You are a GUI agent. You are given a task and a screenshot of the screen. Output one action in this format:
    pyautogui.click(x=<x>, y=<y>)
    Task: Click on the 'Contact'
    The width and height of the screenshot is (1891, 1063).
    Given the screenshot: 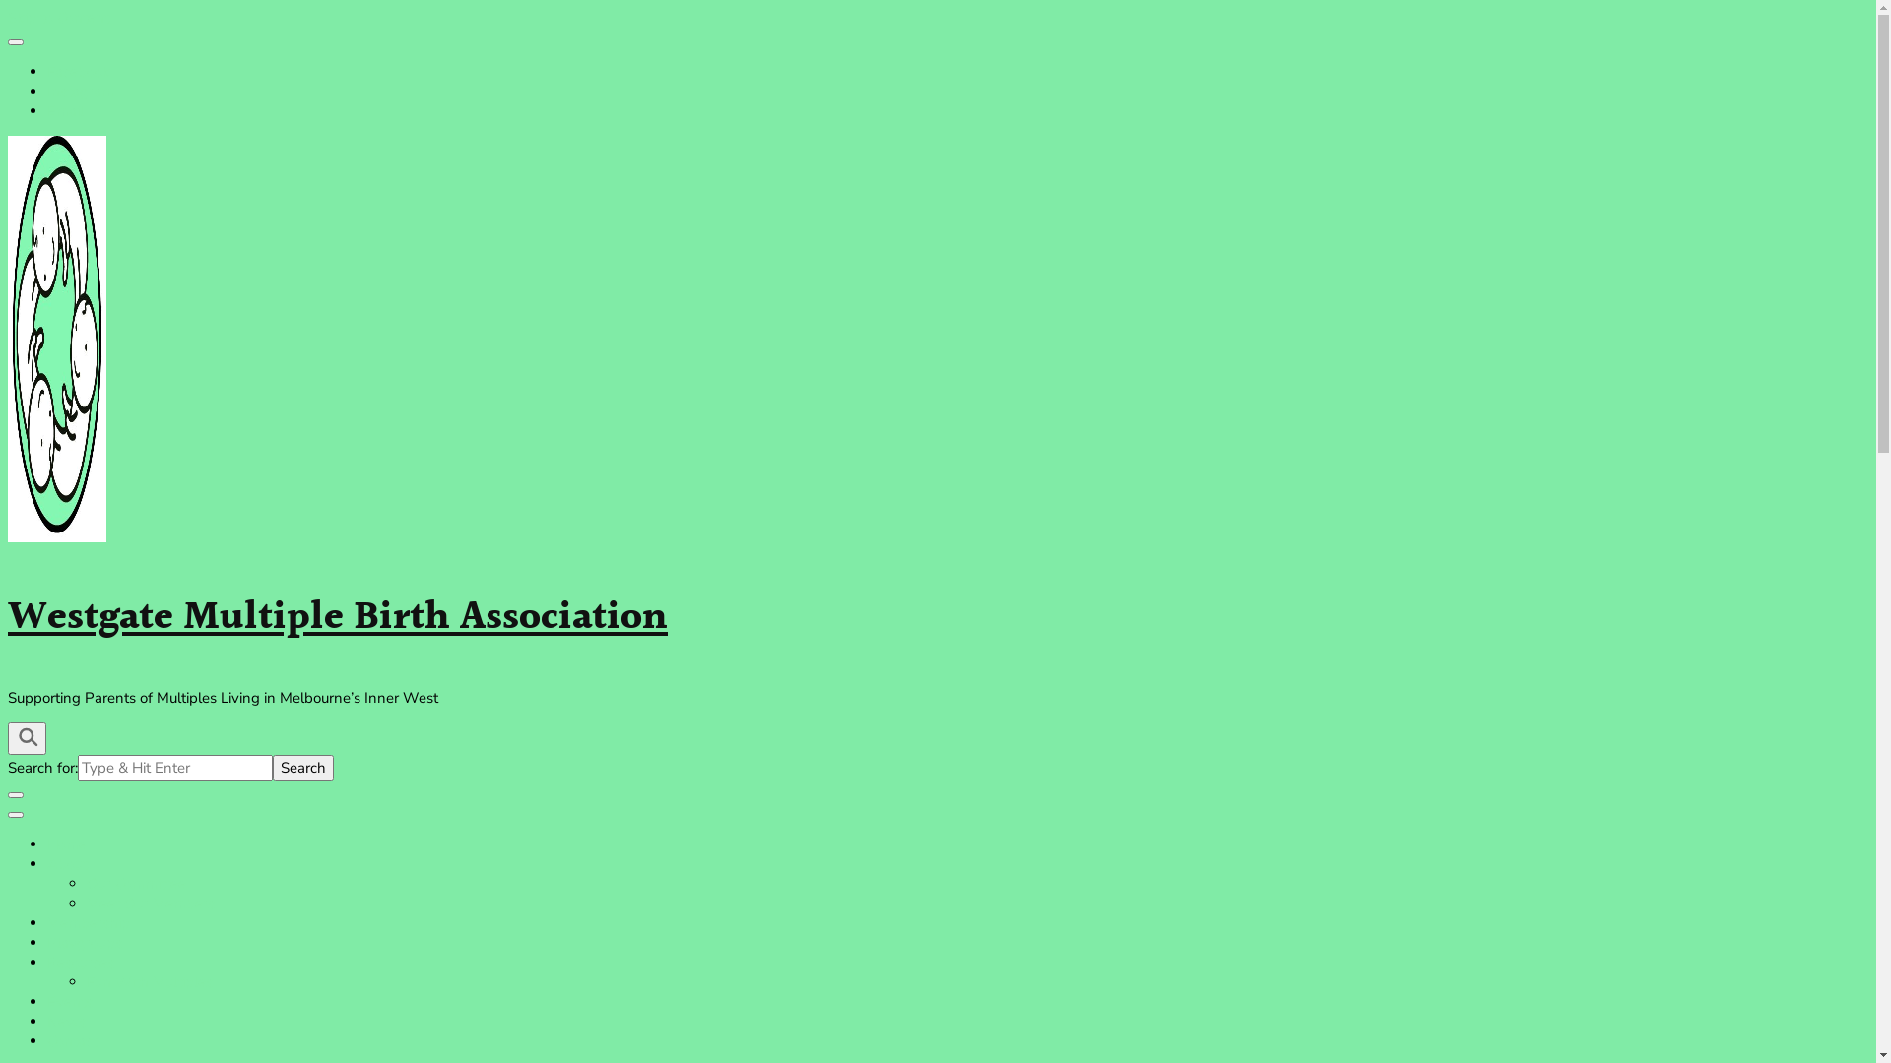 What is the action you would take?
    pyautogui.click(x=72, y=1039)
    